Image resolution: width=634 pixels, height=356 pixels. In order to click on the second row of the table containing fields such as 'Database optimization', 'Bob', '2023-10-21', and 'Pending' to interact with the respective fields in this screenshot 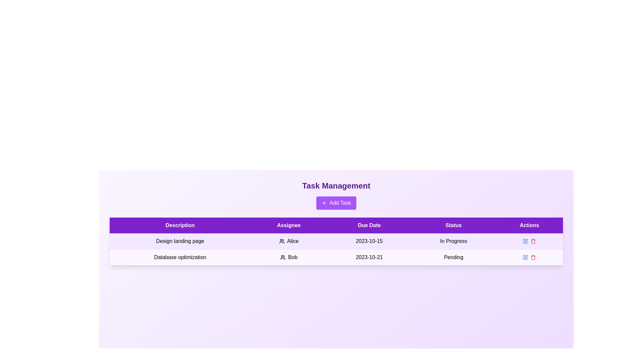, I will do `click(336, 257)`.